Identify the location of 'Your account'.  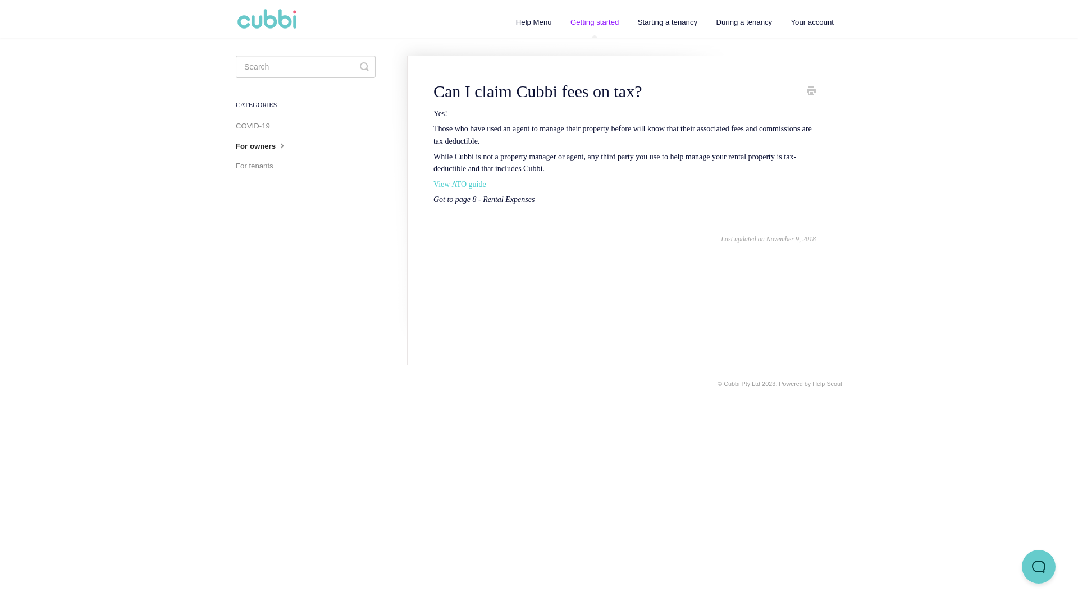
(812, 22).